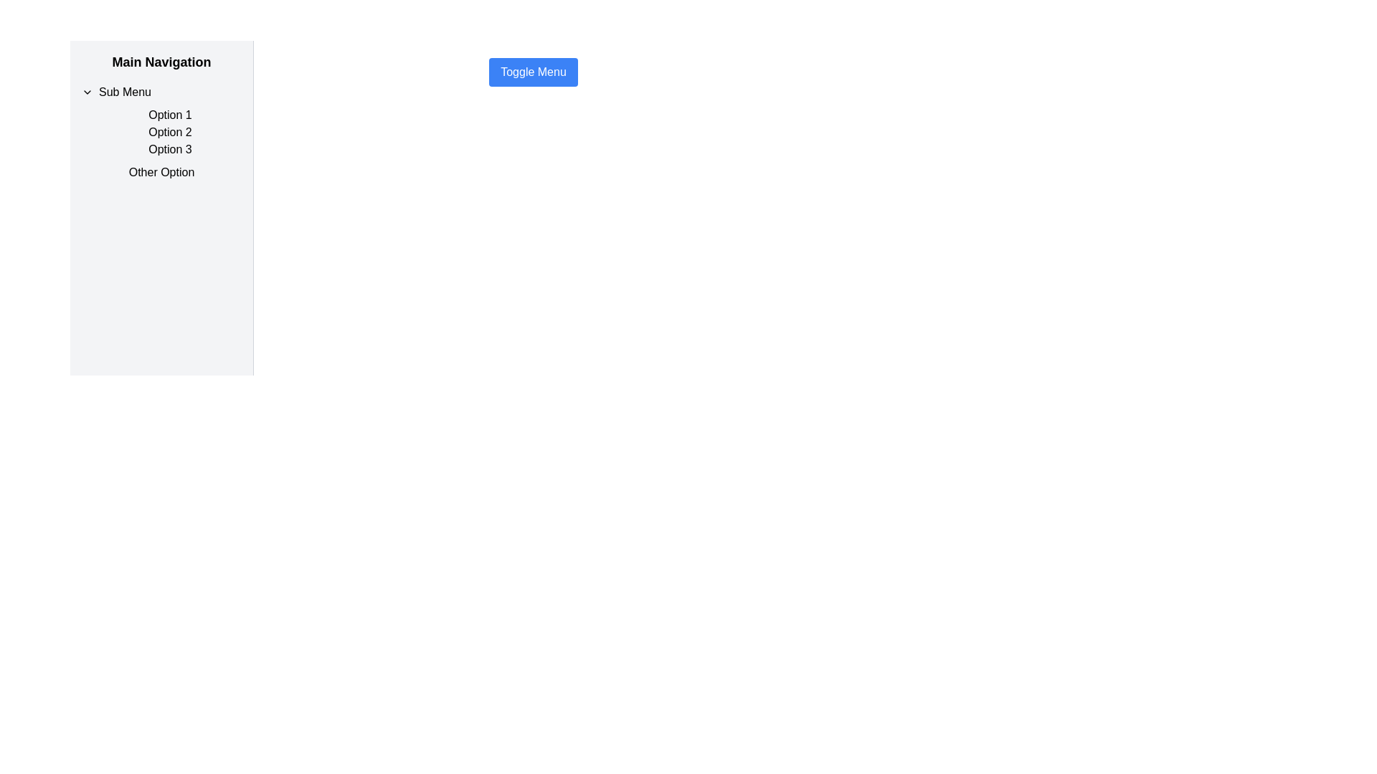  I want to click on the 'Toggle Menu' button, which has a blue background, white text, and rounded corners, so click(533, 72).